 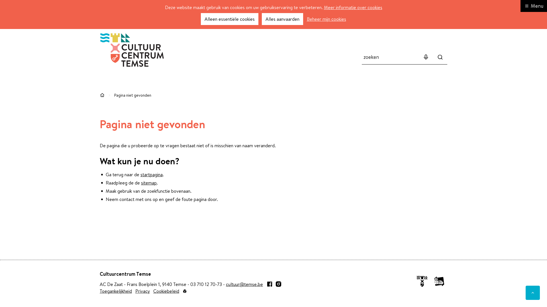 I want to click on 'sitemap', so click(x=149, y=183).